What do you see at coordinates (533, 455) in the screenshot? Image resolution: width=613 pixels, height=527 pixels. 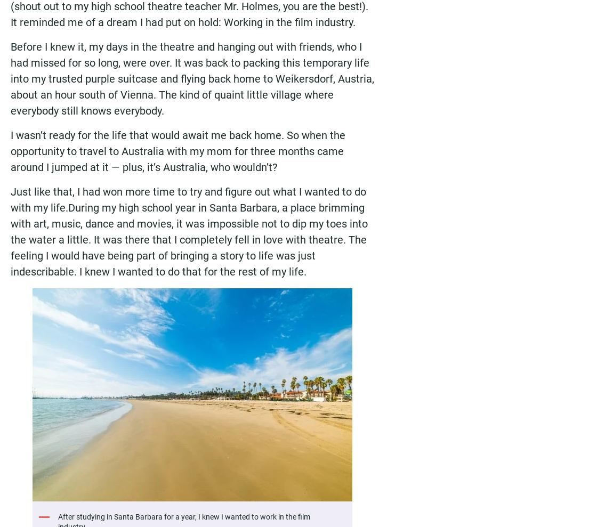 I see `'Subscribe'` at bounding box center [533, 455].